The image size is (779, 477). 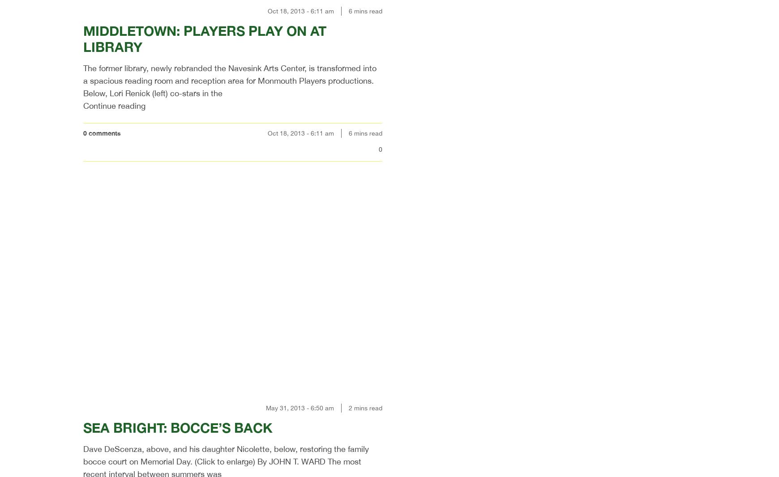 I want to click on 'SEA BRIGHT: BOCCE’S BACK', so click(x=83, y=427).